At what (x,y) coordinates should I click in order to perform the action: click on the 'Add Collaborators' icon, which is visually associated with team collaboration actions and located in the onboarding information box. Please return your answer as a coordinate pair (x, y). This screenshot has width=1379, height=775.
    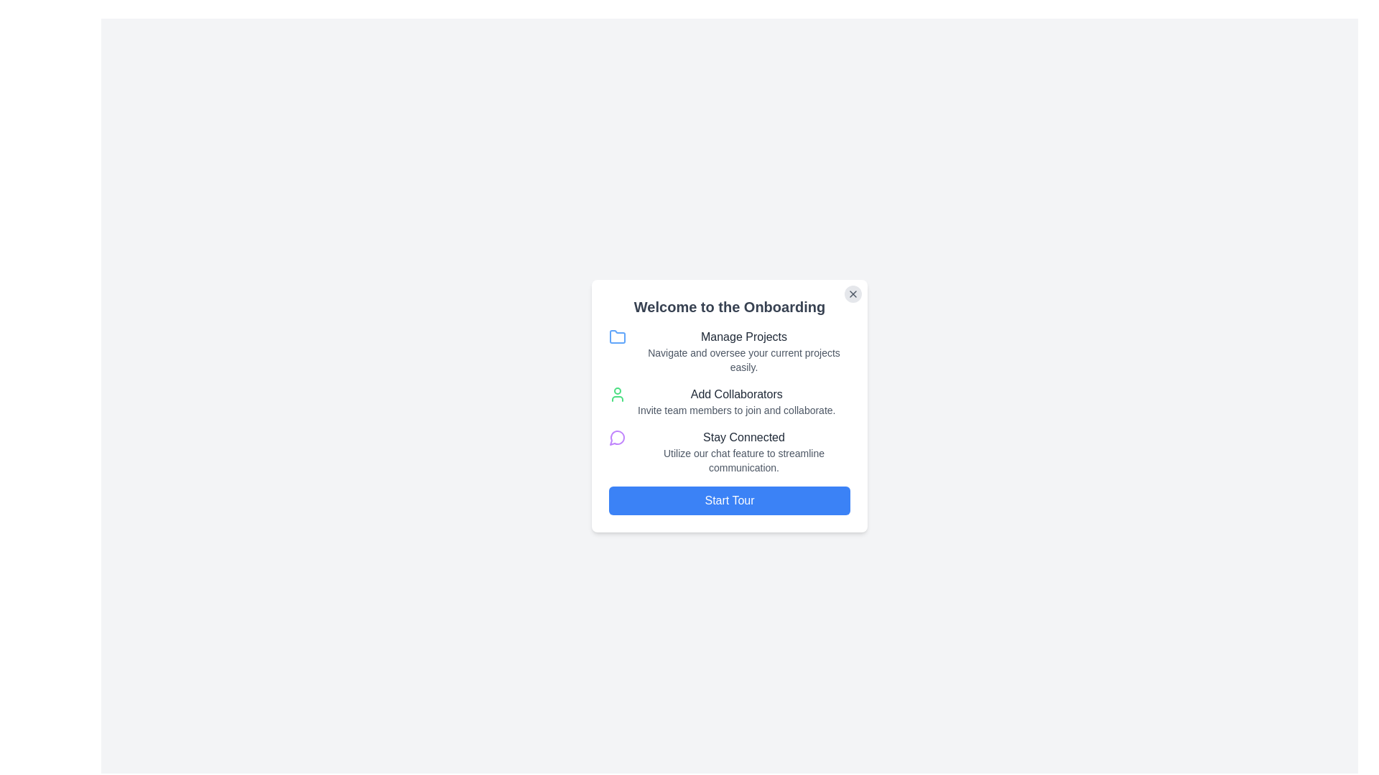
    Looking at the image, I should click on (617, 395).